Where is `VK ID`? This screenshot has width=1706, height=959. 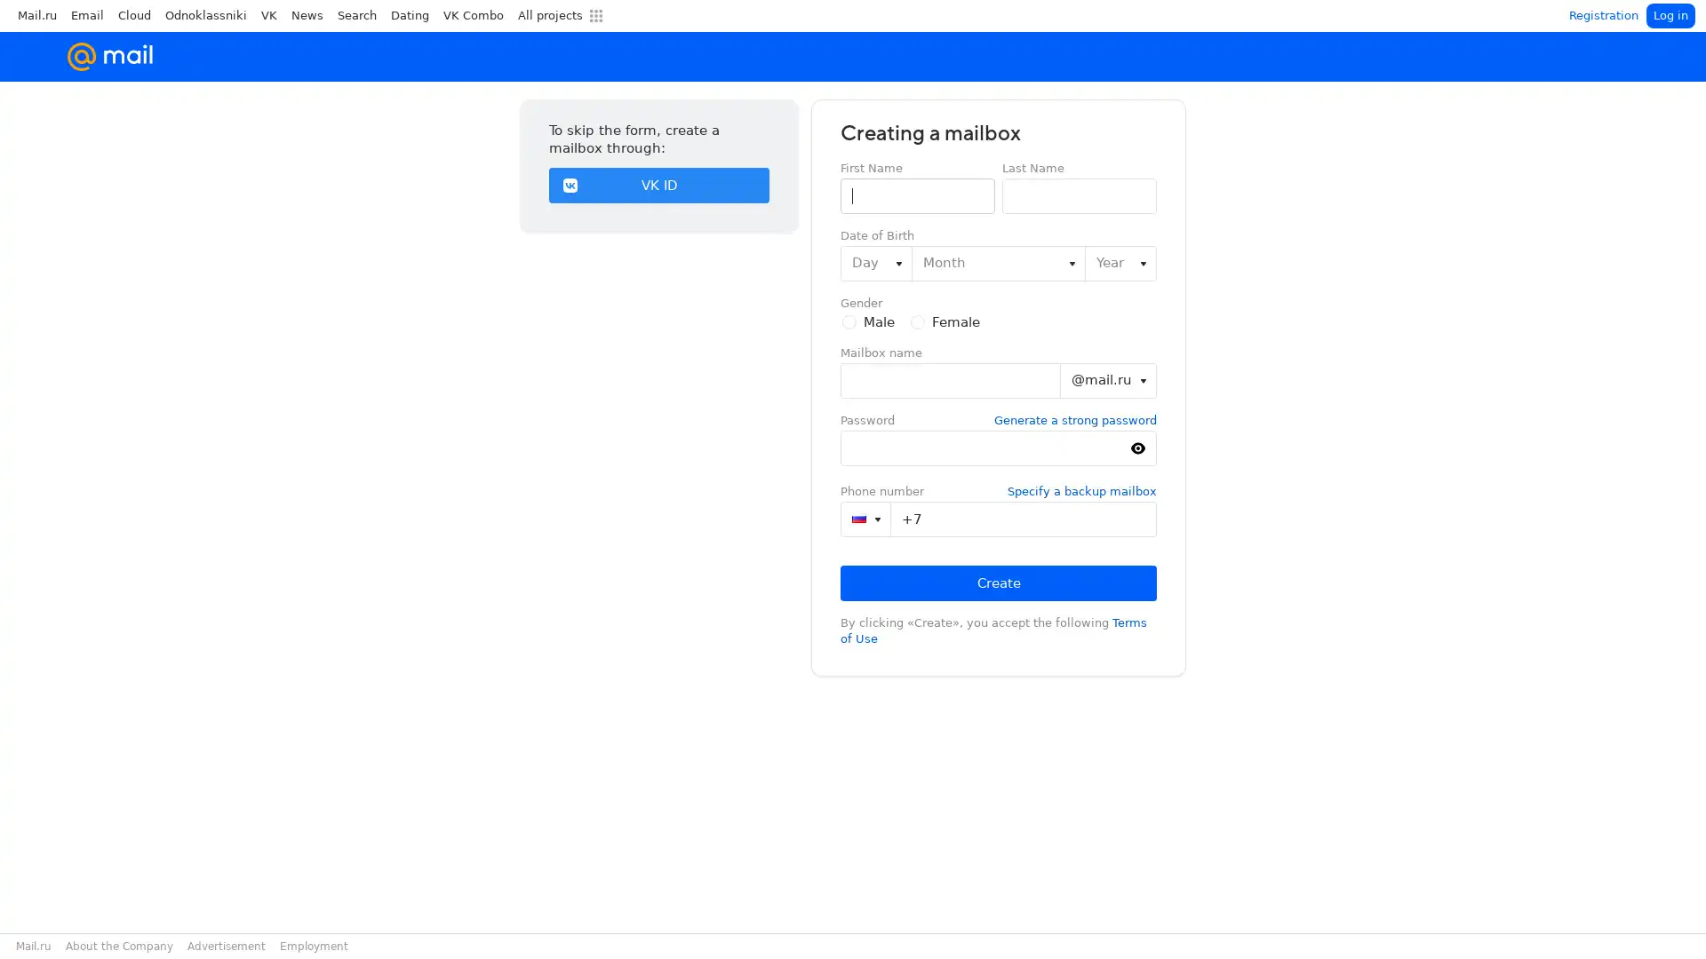 VK ID is located at coordinates (658, 185).